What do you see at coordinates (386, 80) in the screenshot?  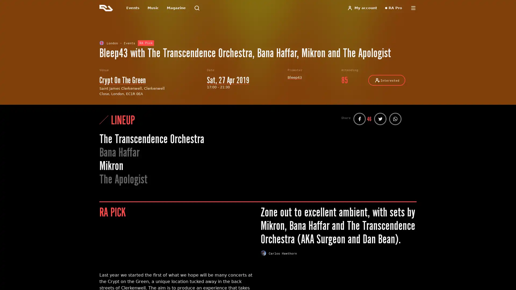 I see `Follow Interested` at bounding box center [386, 80].